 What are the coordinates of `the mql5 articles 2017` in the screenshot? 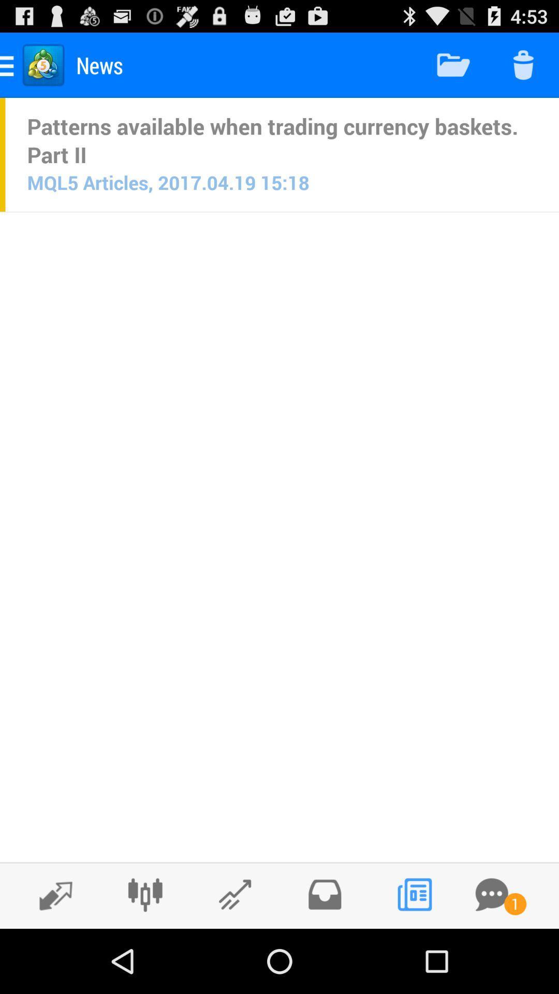 It's located at (168, 182).